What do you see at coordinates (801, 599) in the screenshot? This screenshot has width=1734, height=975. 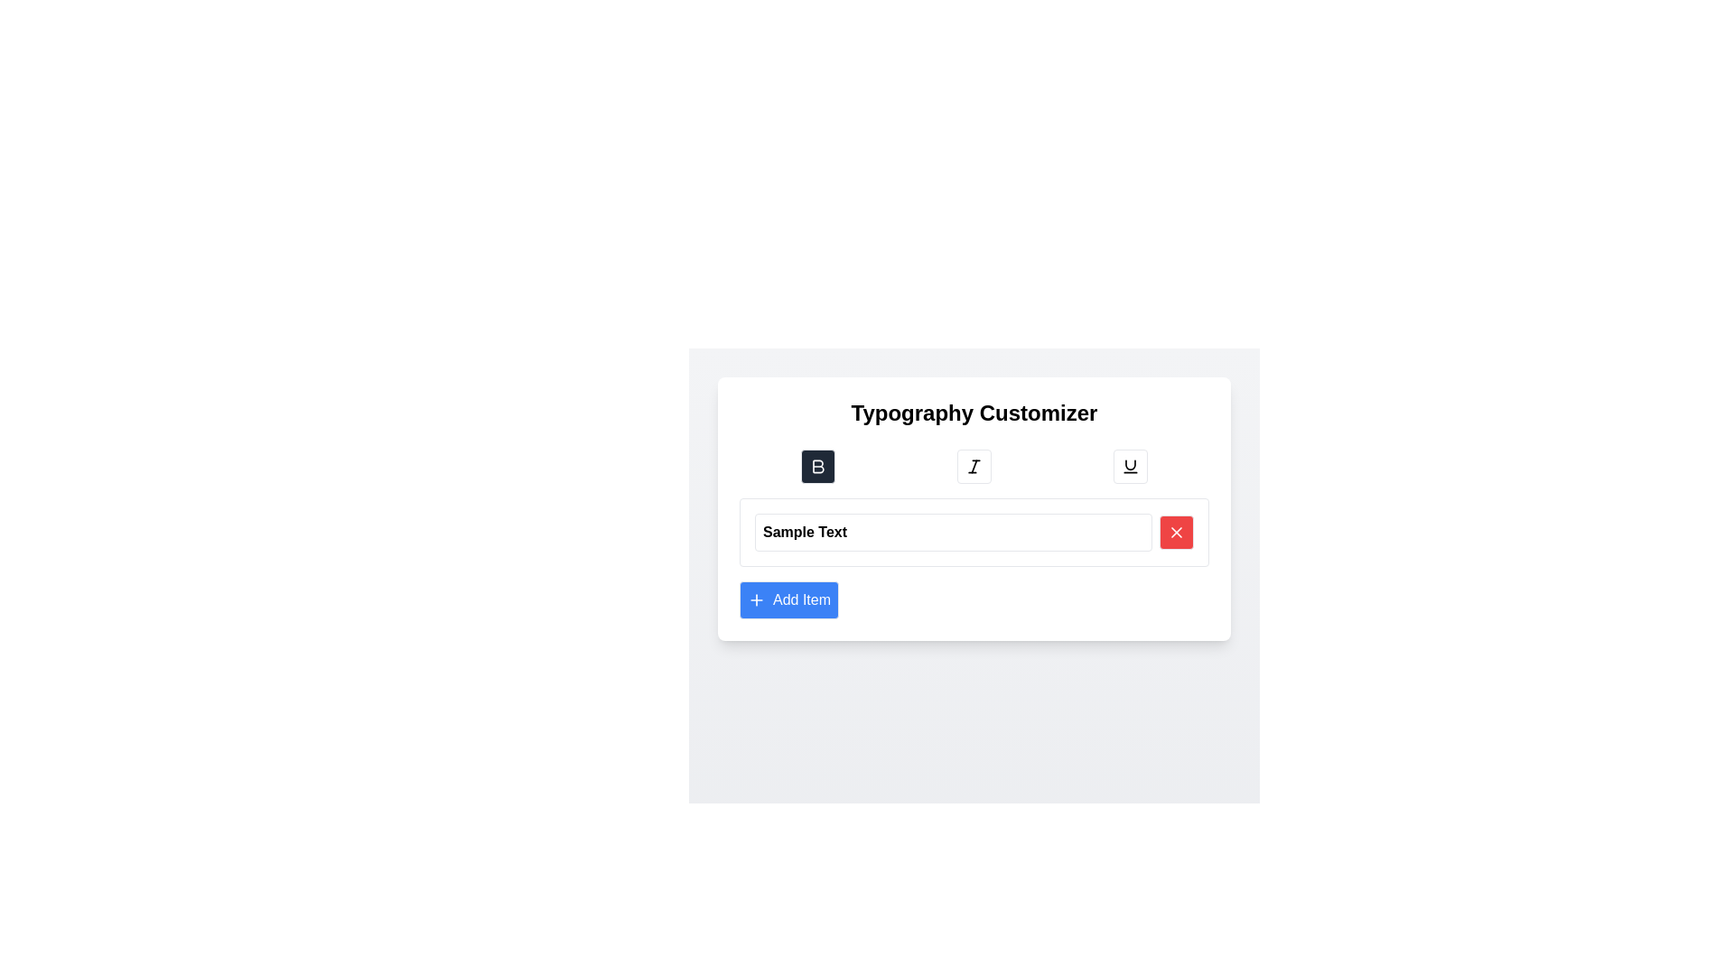 I see `the 'Add Item' button, which contains the static text on a blue background, by clicking on its center point` at bounding box center [801, 599].